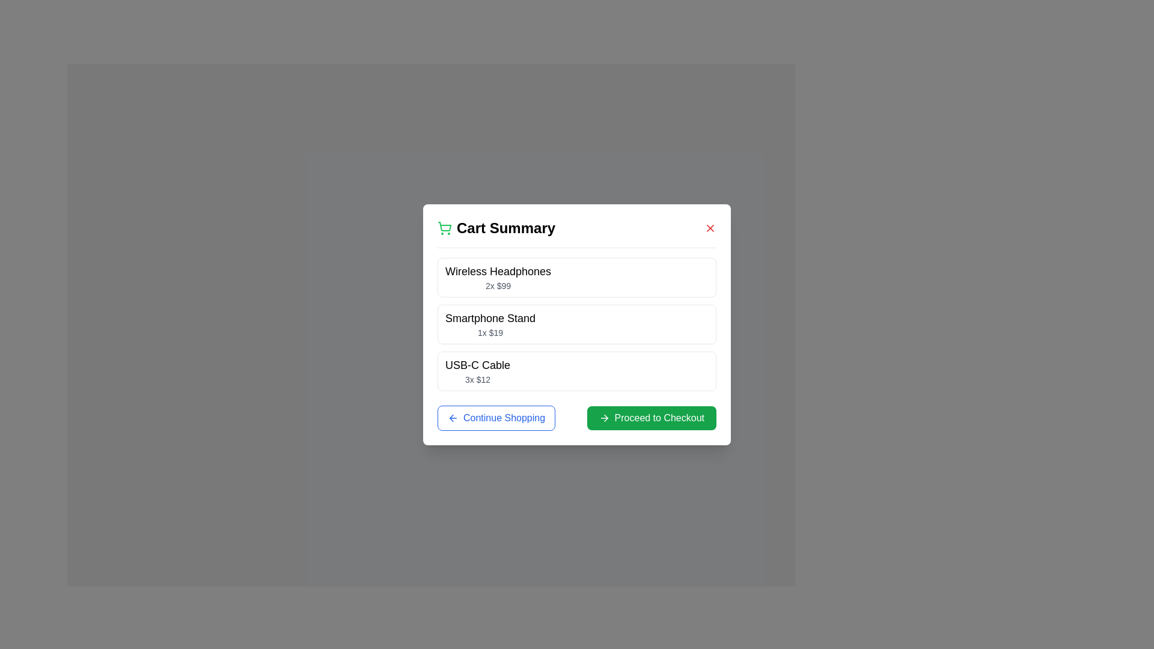  Describe the element at coordinates (577, 370) in the screenshot. I see `the static content display element showing the item descriptor 'USB-C Cable' with its quantity and price in the shopping cart summary` at that location.